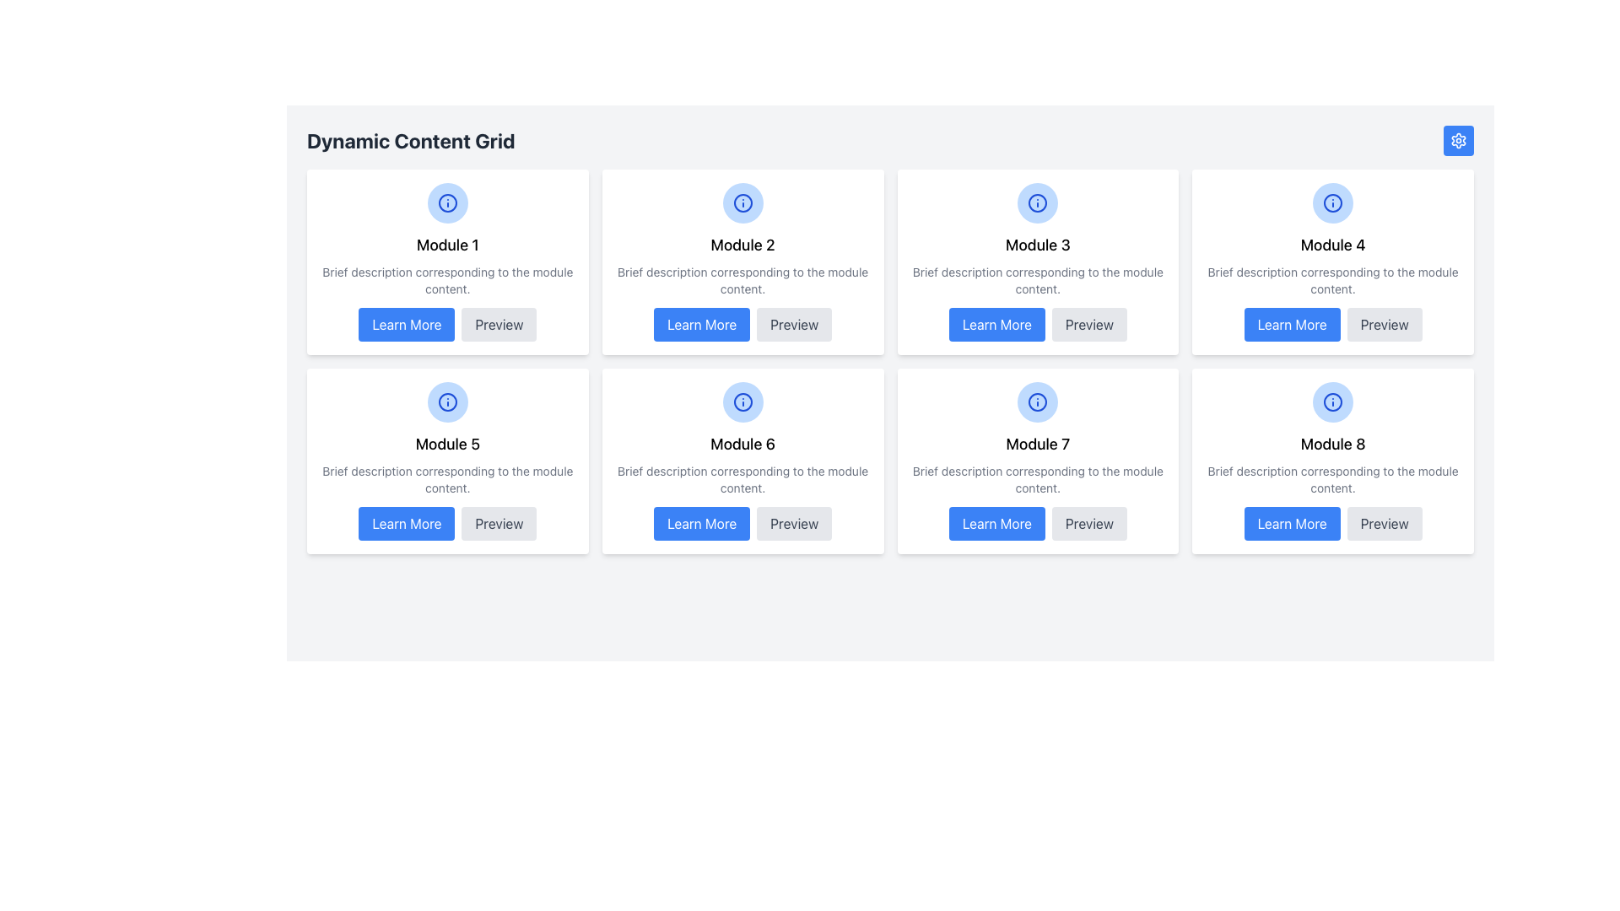 The image size is (1620, 911). What do you see at coordinates (1457, 139) in the screenshot?
I see `the button located in the top-right corner of the interface, adjacent to the title 'Dynamic Content Grid', to observe any tooltip or visual feedback` at bounding box center [1457, 139].